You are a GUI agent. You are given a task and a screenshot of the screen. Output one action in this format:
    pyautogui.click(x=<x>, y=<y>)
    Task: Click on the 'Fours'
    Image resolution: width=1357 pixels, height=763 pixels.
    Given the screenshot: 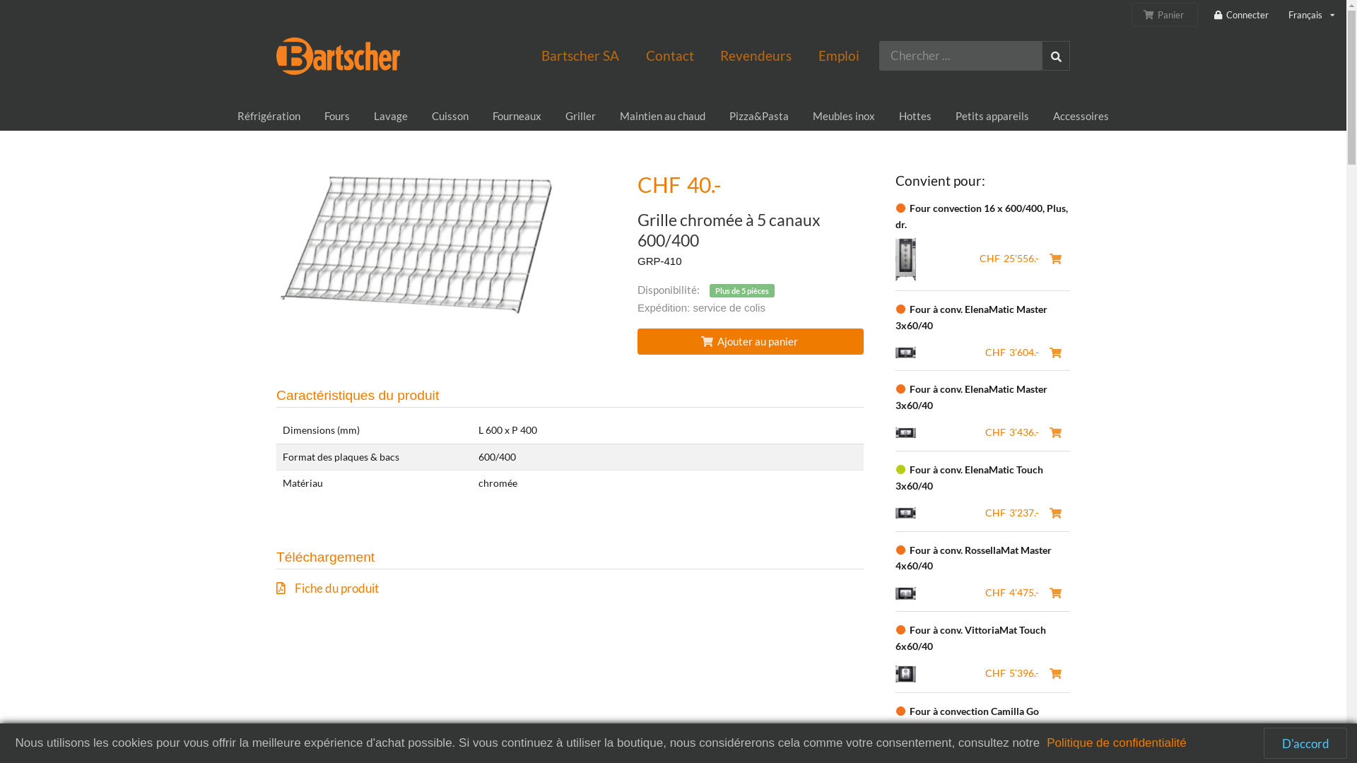 What is the action you would take?
    pyautogui.click(x=336, y=116)
    